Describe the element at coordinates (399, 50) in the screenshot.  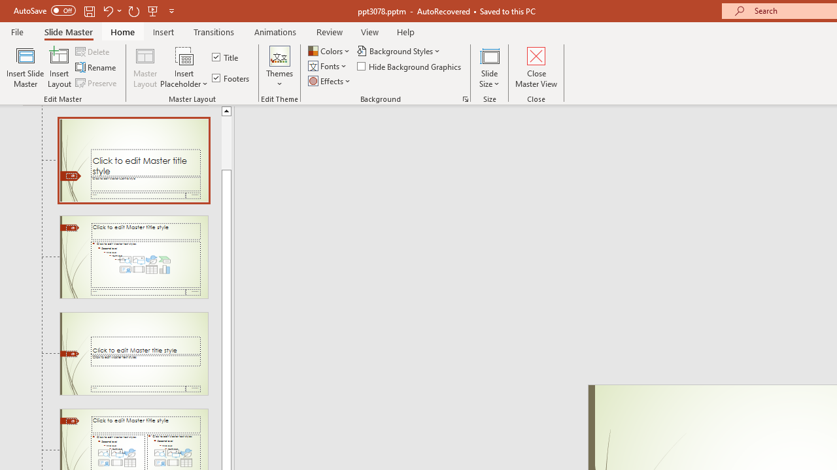
I see `'Background Styles'` at that location.